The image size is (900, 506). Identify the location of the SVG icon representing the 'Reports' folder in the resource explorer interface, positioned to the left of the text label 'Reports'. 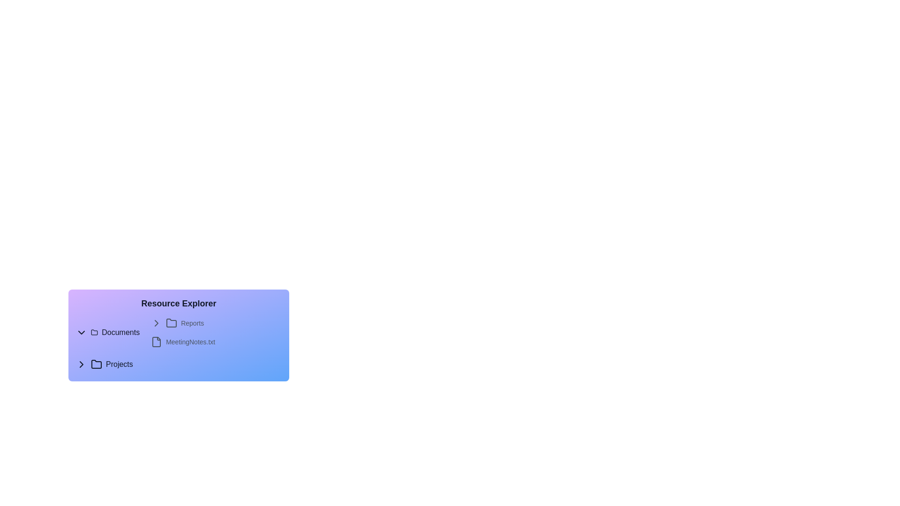
(172, 323).